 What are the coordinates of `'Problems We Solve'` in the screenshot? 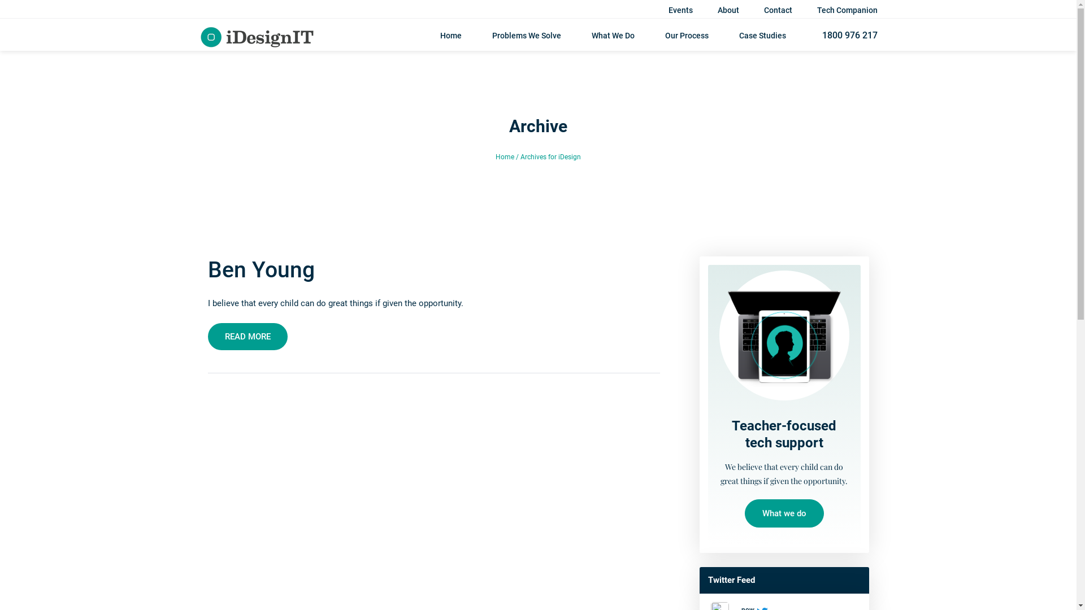 It's located at (491, 39).